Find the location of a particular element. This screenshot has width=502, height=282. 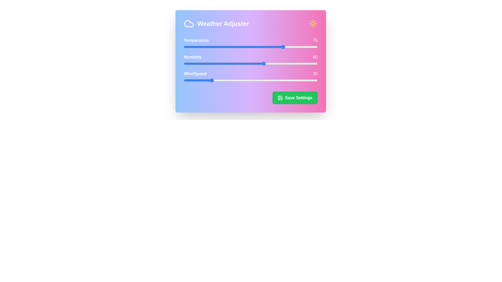

the humidity value is located at coordinates (305, 63).